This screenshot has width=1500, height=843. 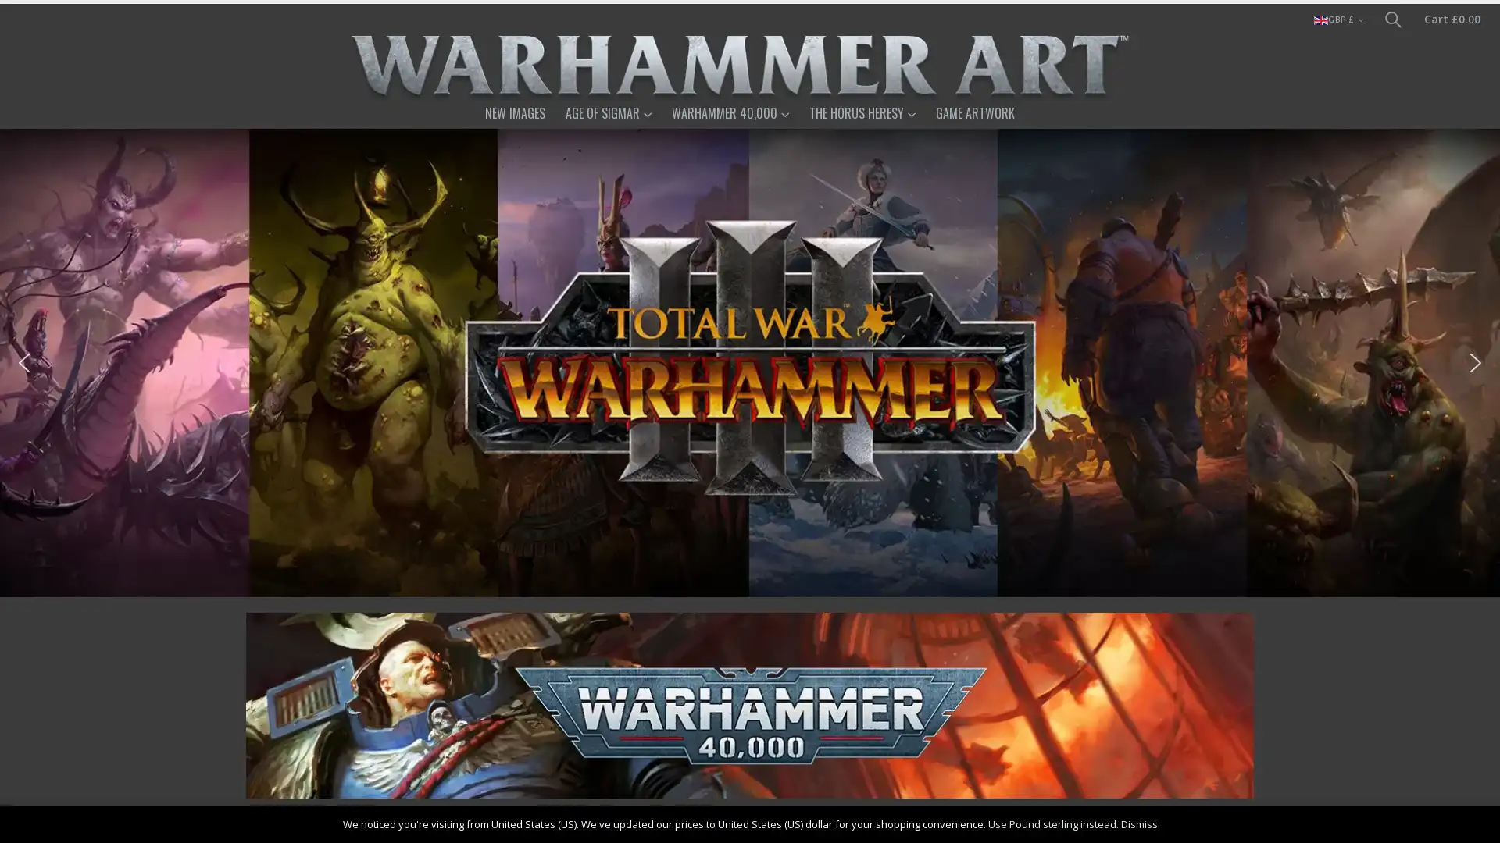 What do you see at coordinates (1475, 361) in the screenshot?
I see `next arrow` at bounding box center [1475, 361].